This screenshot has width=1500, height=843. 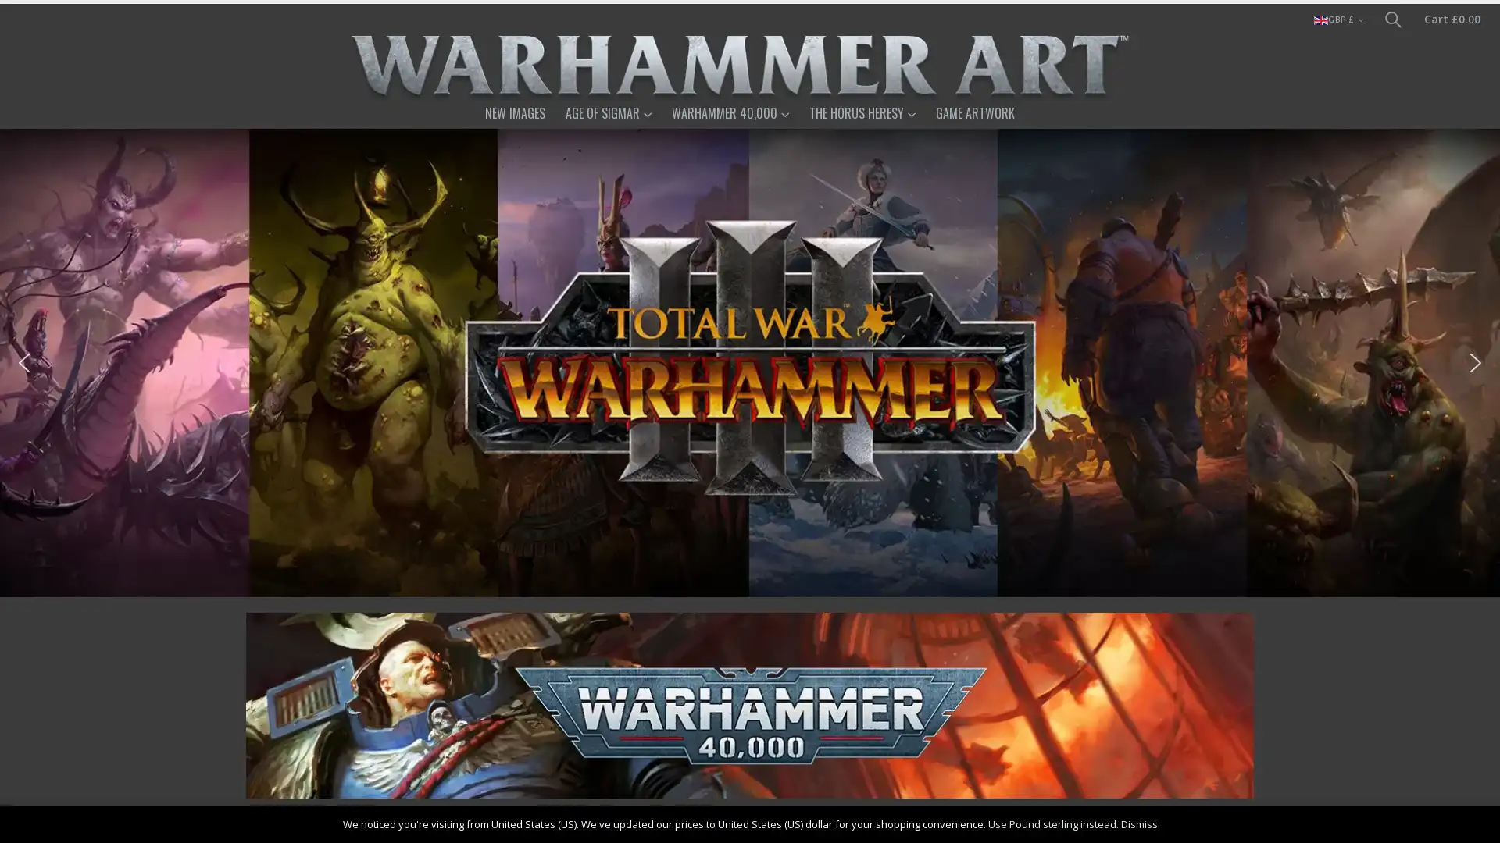 What do you see at coordinates (1475, 361) in the screenshot?
I see `next arrow` at bounding box center [1475, 361].